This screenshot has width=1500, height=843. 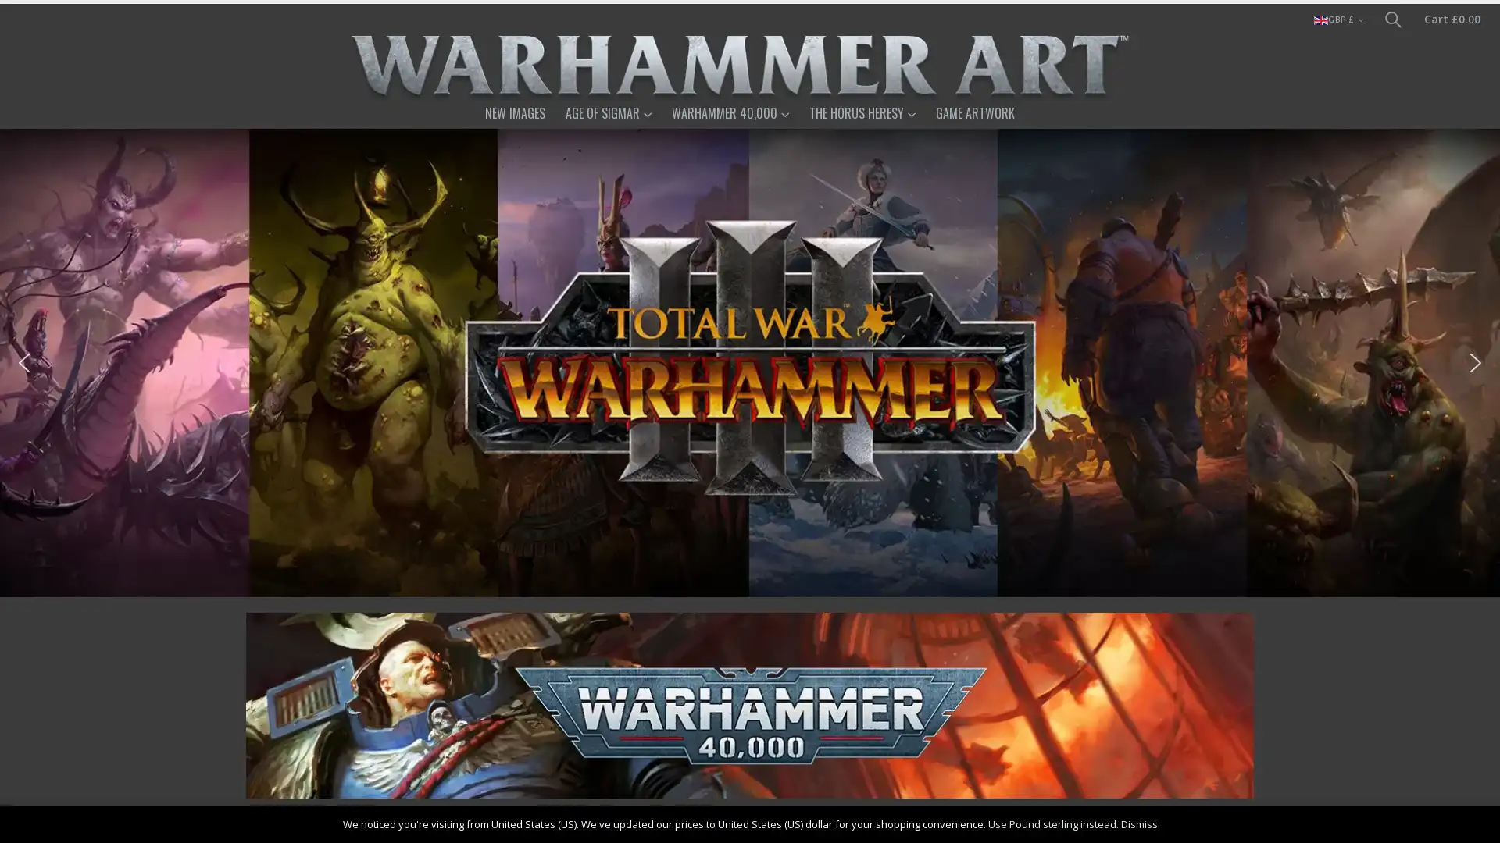 What do you see at coordinates (1475, 361) in the screenshot?
I see `next arrow` at bounding box center [1475, 361].